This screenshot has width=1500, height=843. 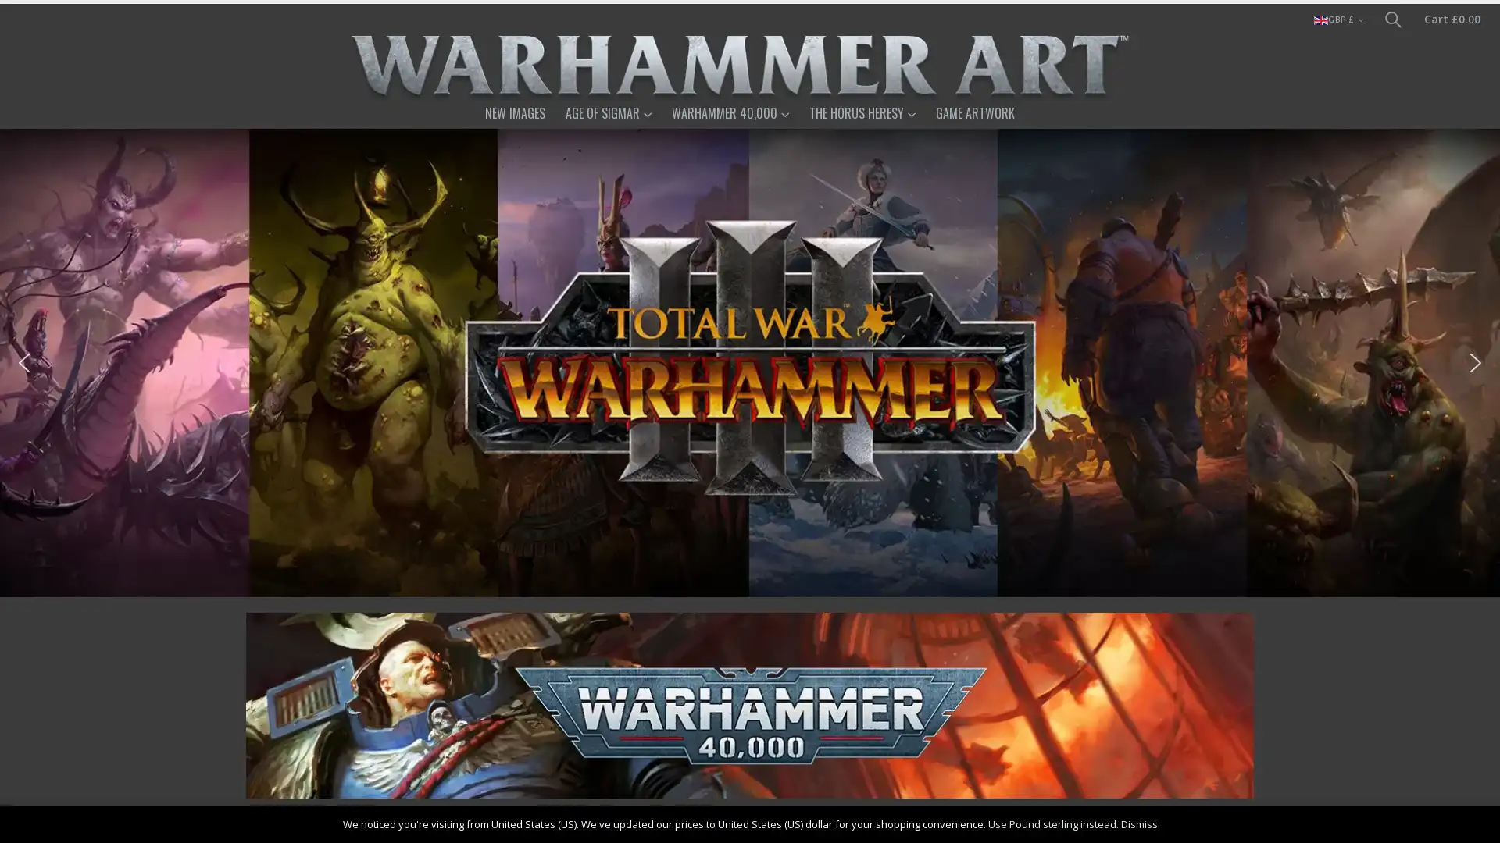 What do you see at coordinates (1475, 361) in the screenshot?
I see `next arrow` at bounding box center [1475, 361].